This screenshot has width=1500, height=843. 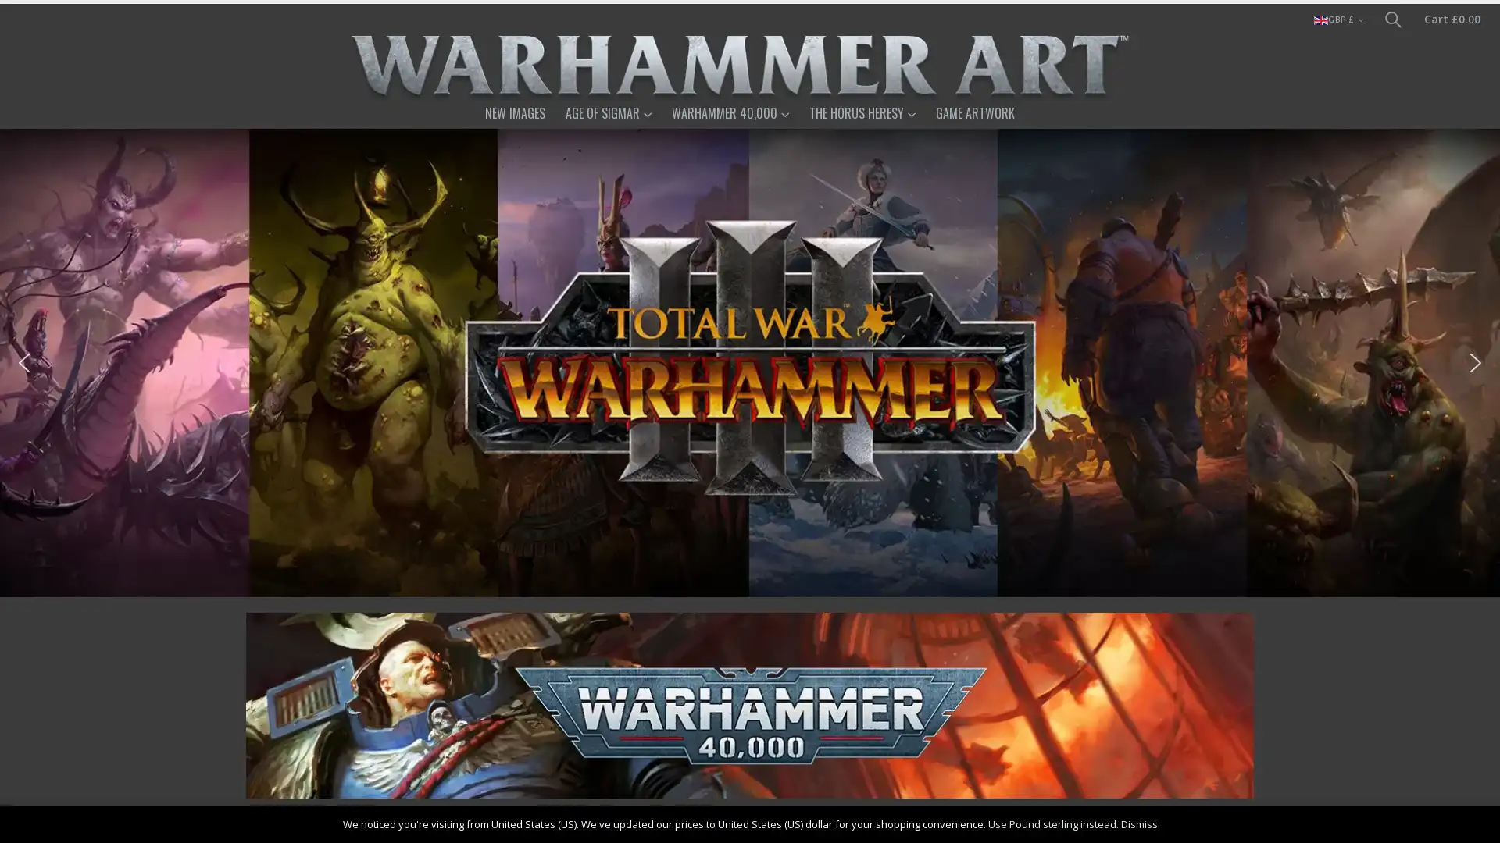 What do you see at coordinates (1475, 361) in the screenshot?
I see `next arrow` at bounding box center [1475, 361].